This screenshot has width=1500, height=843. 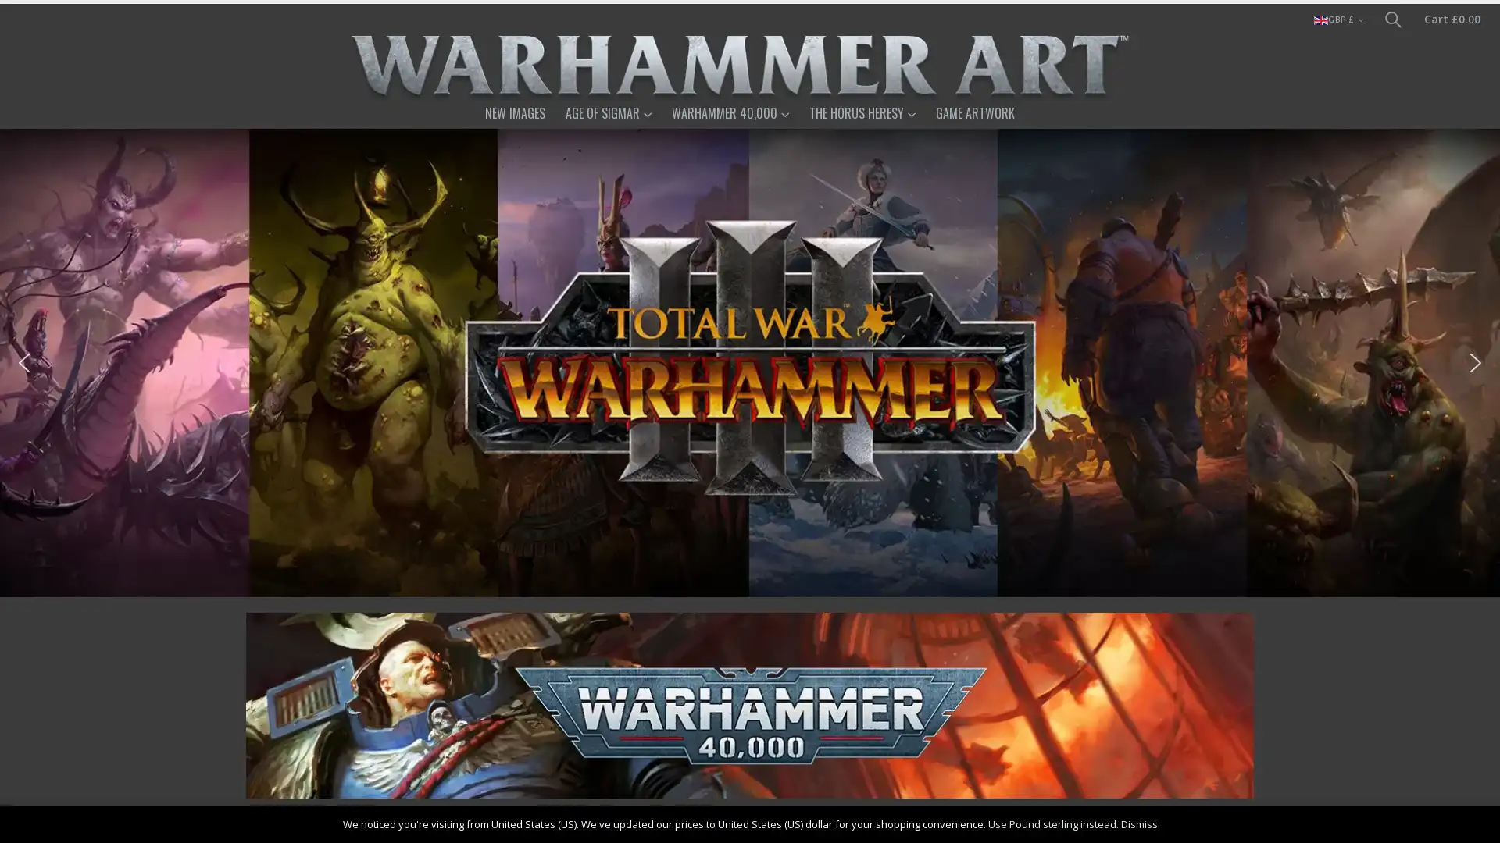 What do you see at coordinates (1475, 361) in the screenshot?
I see `next arrow` at bounding box center [1475, 361].